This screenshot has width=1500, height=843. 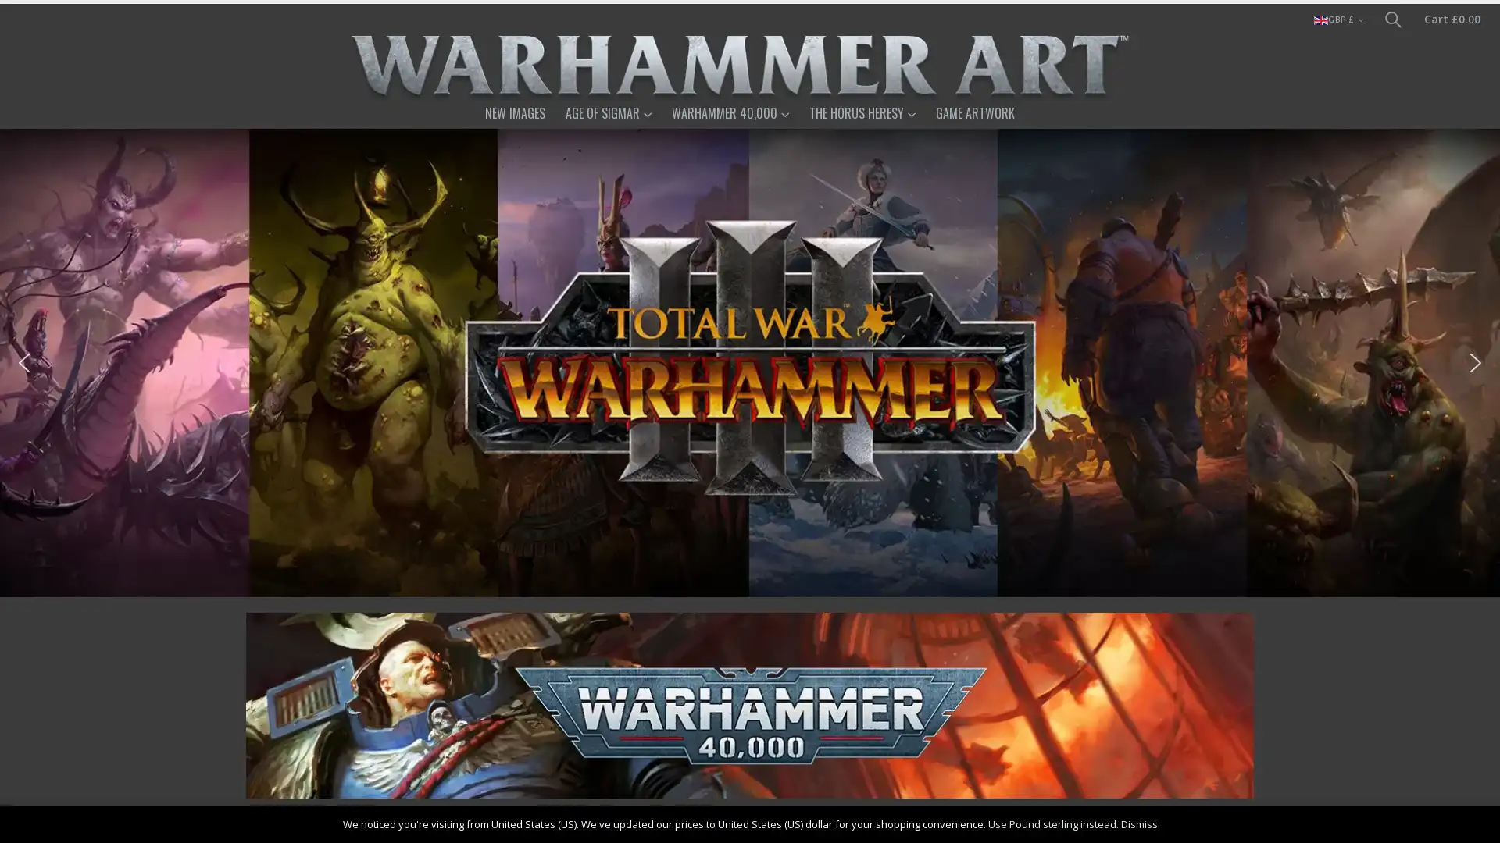 What do you see at coordinates (1475, 361) in the screenshot?
I see `next arrow` at bounding box center [1475, 361].